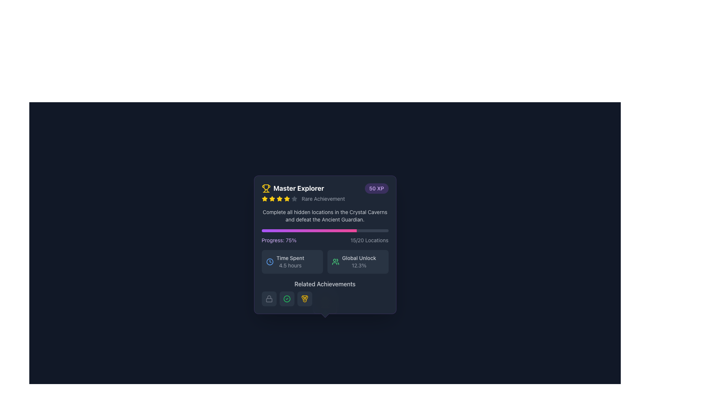 Image resolution: width=712 pixels, height=400 pixels. I want to click on the Progress Bar, which features a gradient fill from purple to pink and is located within a section labeled 'Progress: 75% 15/20 Locations', so click(325, 230).